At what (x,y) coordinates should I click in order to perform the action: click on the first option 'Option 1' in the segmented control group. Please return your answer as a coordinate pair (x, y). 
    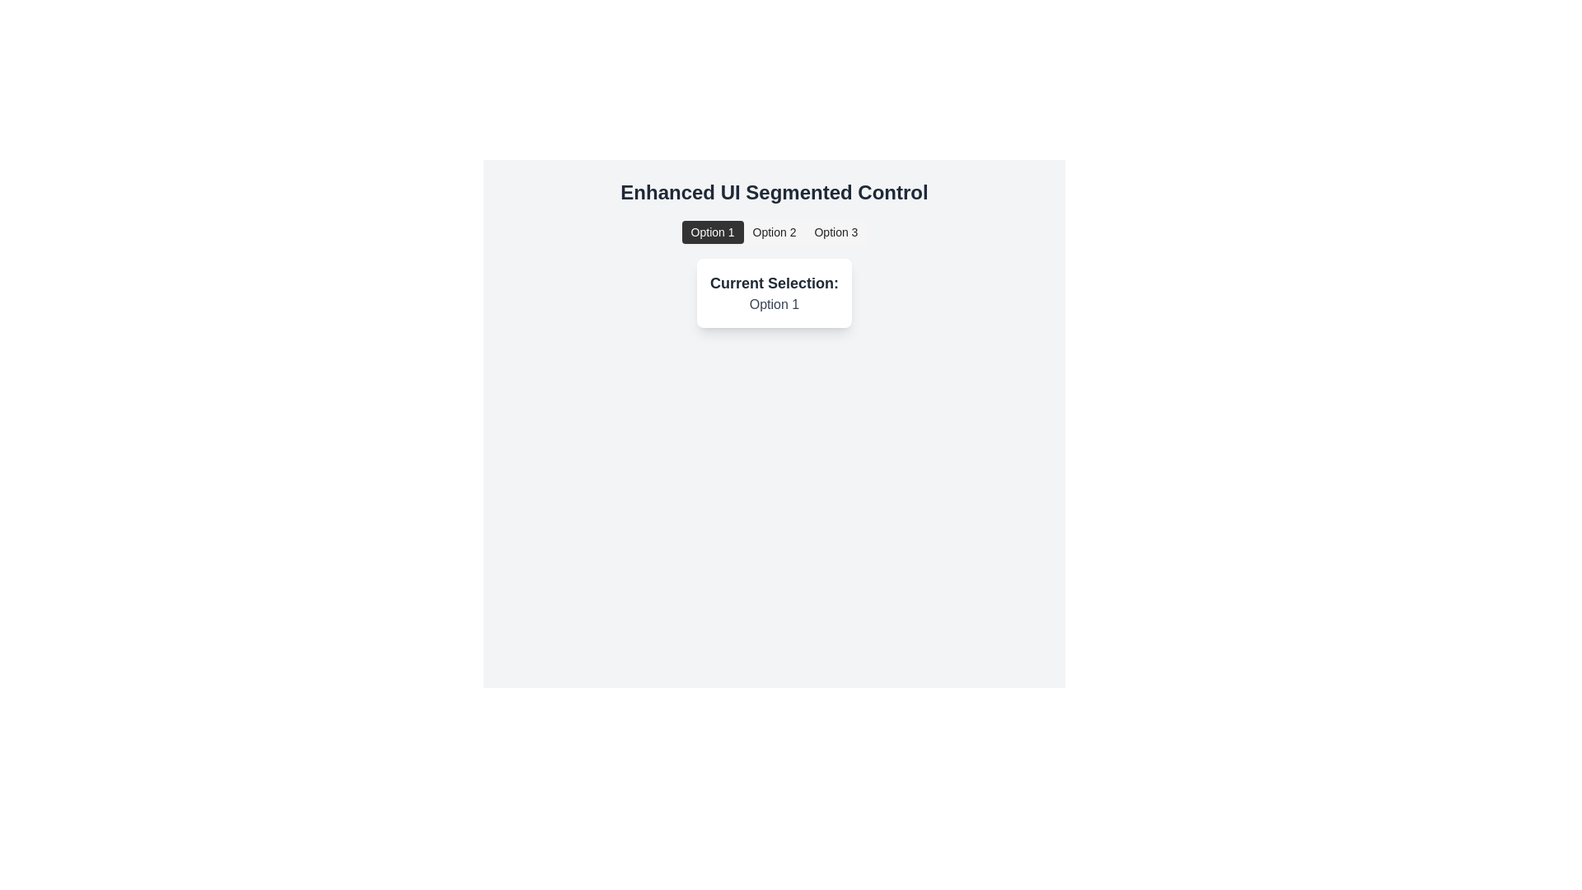
    Looking at the image, I should click on (713, 232).